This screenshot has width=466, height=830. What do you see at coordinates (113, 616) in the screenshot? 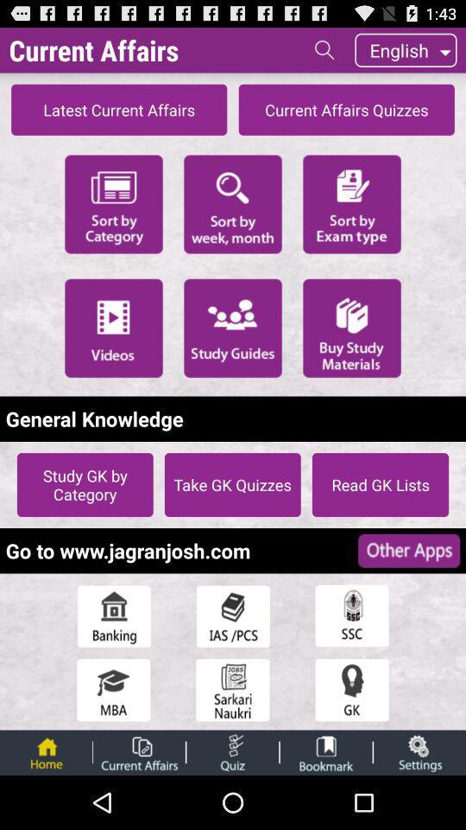
I see `banking option` at bounding box center [113, 616].